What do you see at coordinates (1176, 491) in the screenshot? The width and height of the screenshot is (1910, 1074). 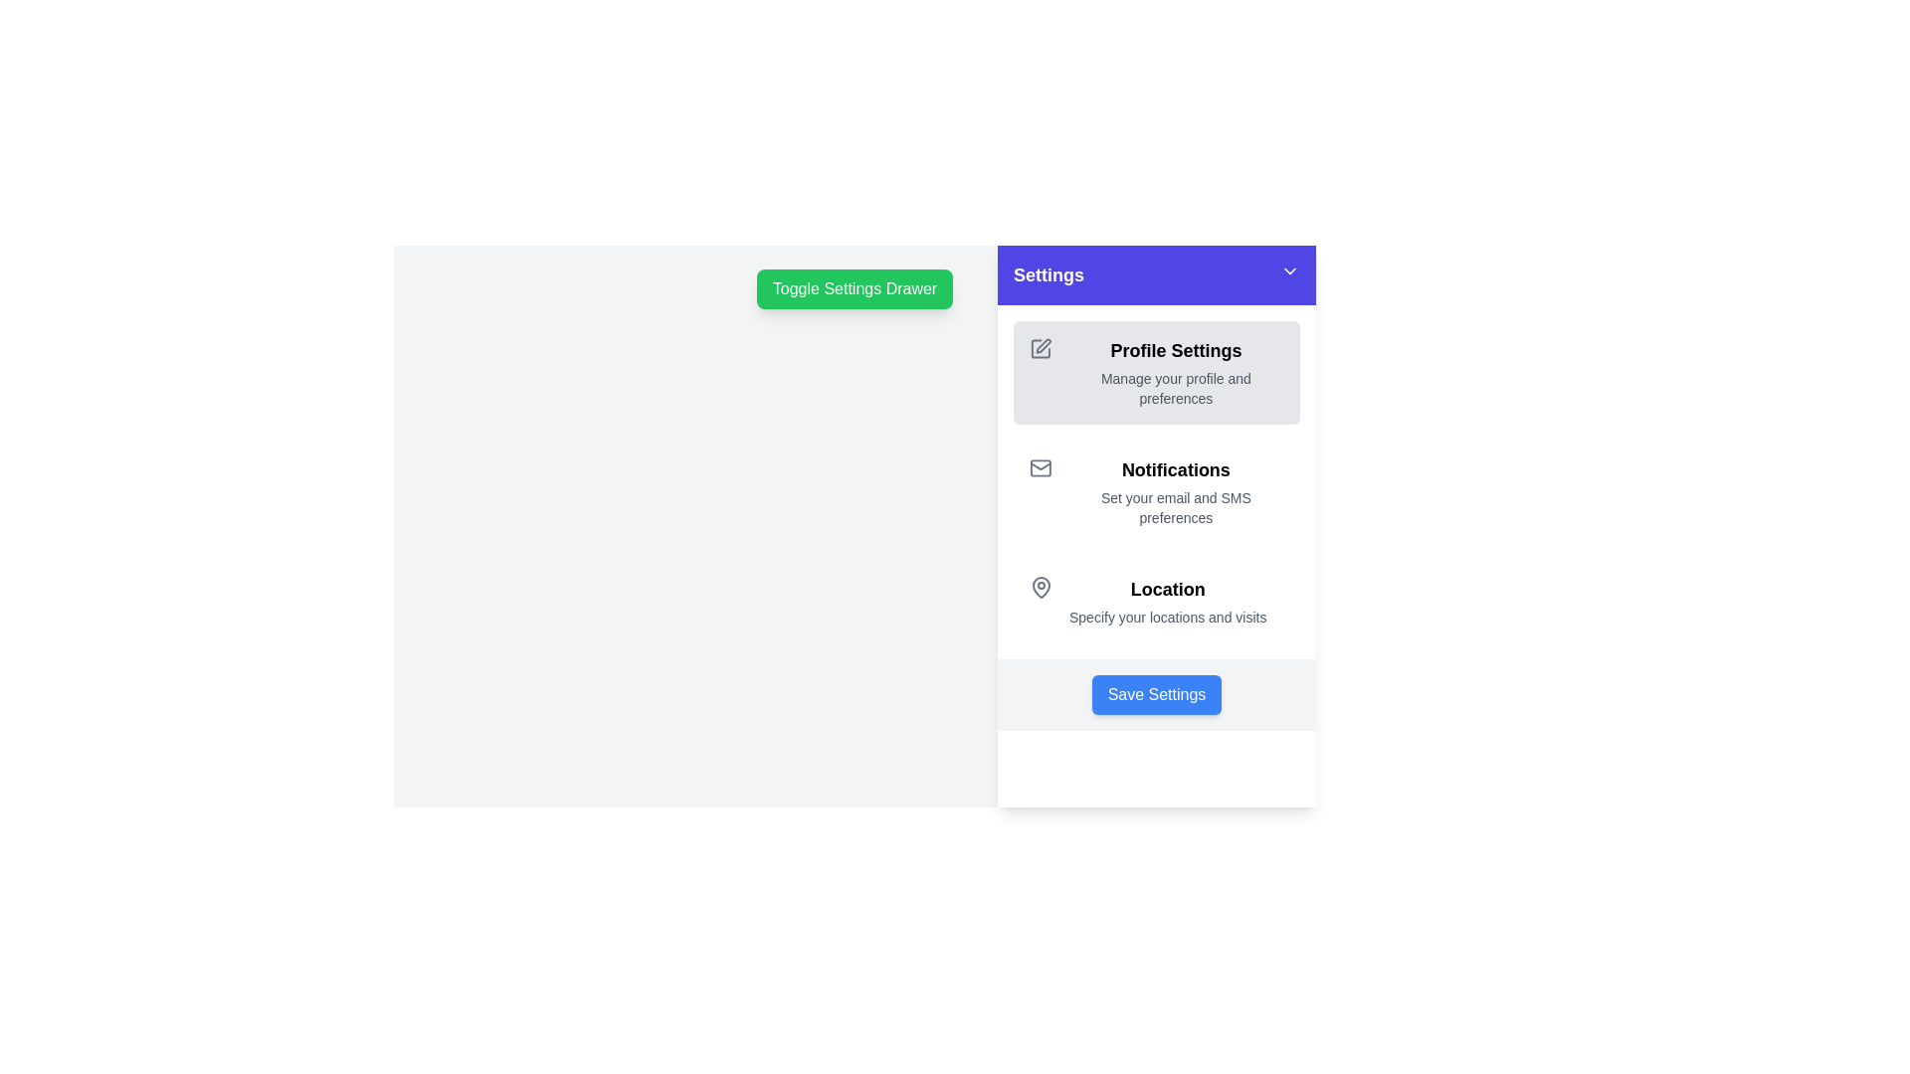 I see `the 'Notifications' informational text section element, which contains a bold title and descriptive text, located in the sidebar settings` at bounding box center [1176, 491].